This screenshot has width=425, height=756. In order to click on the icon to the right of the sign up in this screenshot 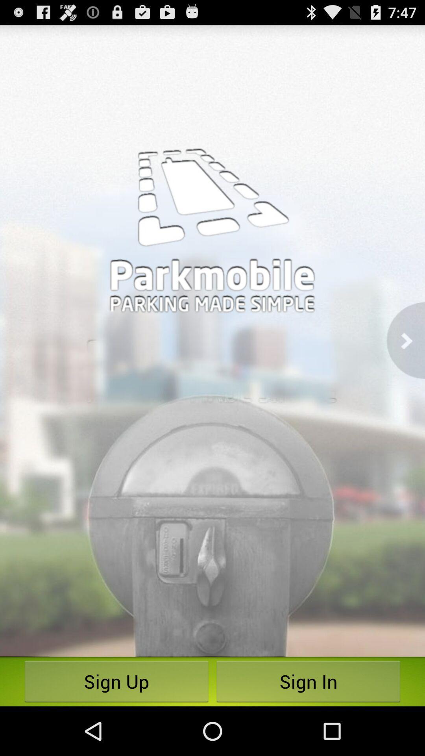, I will do `click(308, 681)`.